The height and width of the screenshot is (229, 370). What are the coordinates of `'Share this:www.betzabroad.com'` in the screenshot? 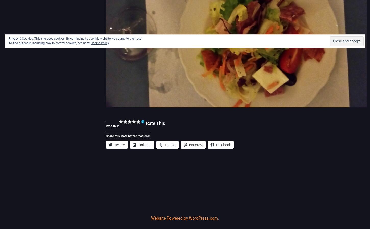 It's located at (128, 136).